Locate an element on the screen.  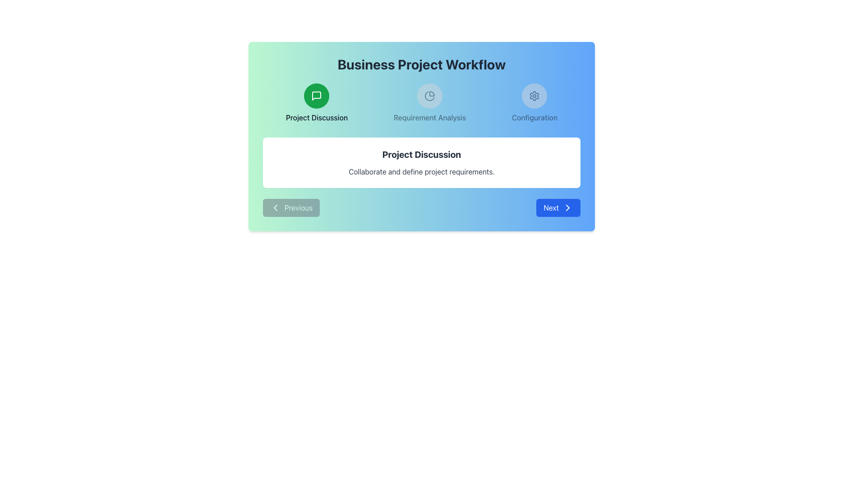
the textual label displaying 'Project Discussion', which is positioned below a green circular icon and serves as an explanation for it is located at coordinates (317, 117).